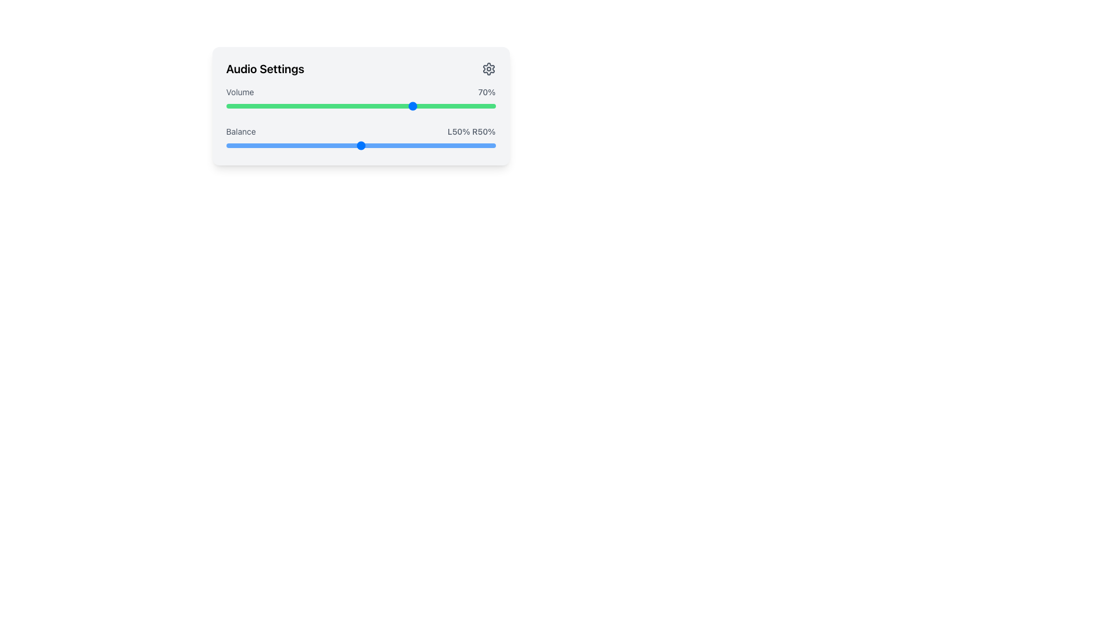 This screenshot has height=627, width=1115. What do you see at coordinates (430, 145) in the screenshot?
I see `the balance` at bounding box center [430, 145].